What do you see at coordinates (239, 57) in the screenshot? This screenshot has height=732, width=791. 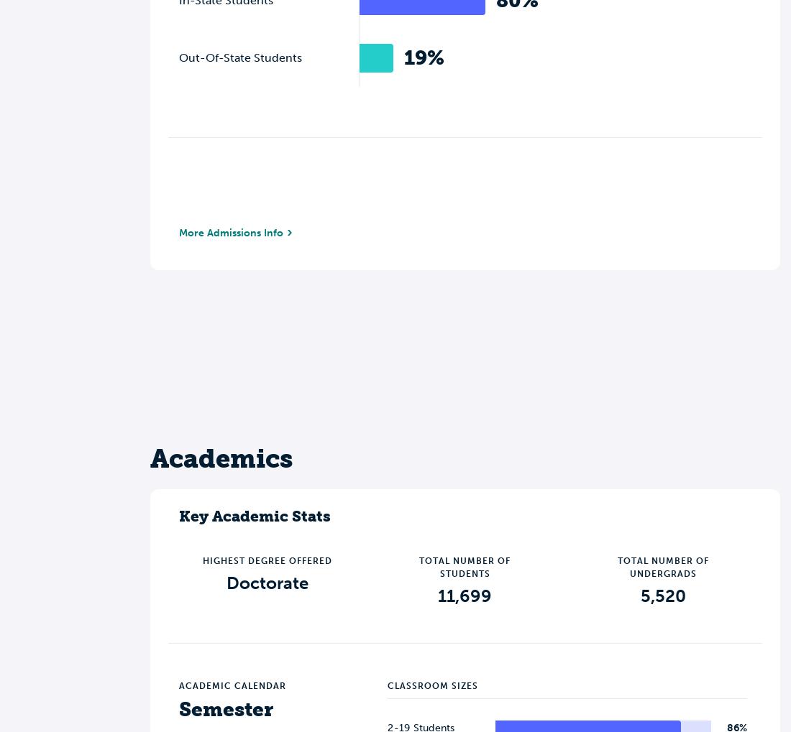 I see `'Out-Of-State Students'` at bounding box center [239, 57].